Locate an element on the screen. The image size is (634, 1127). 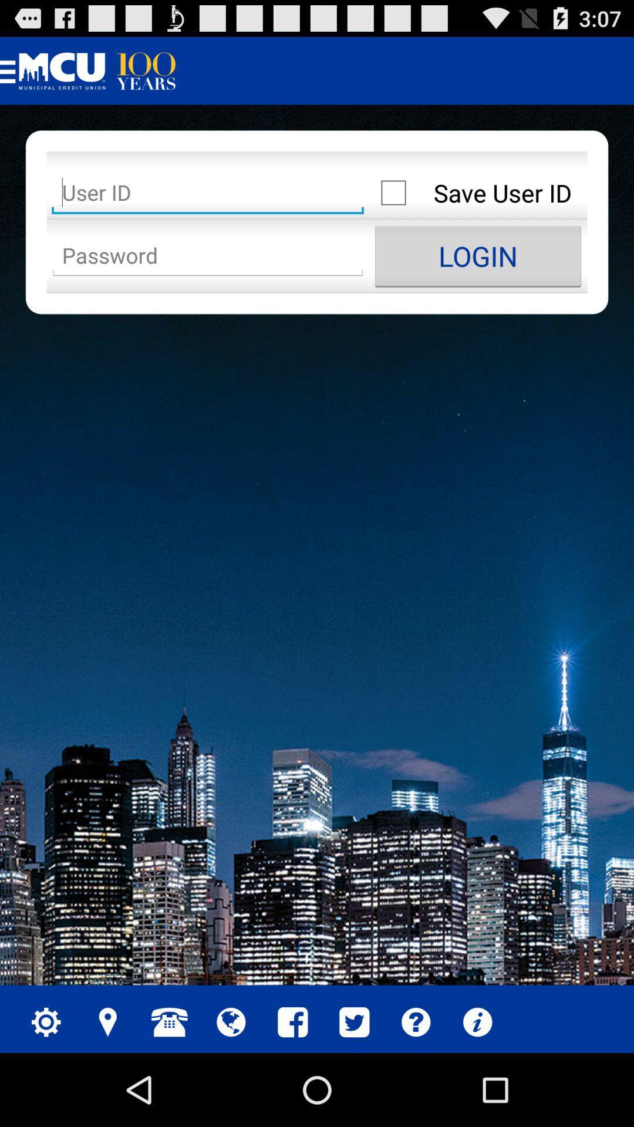
input user id is located at coordinates (207, 193).